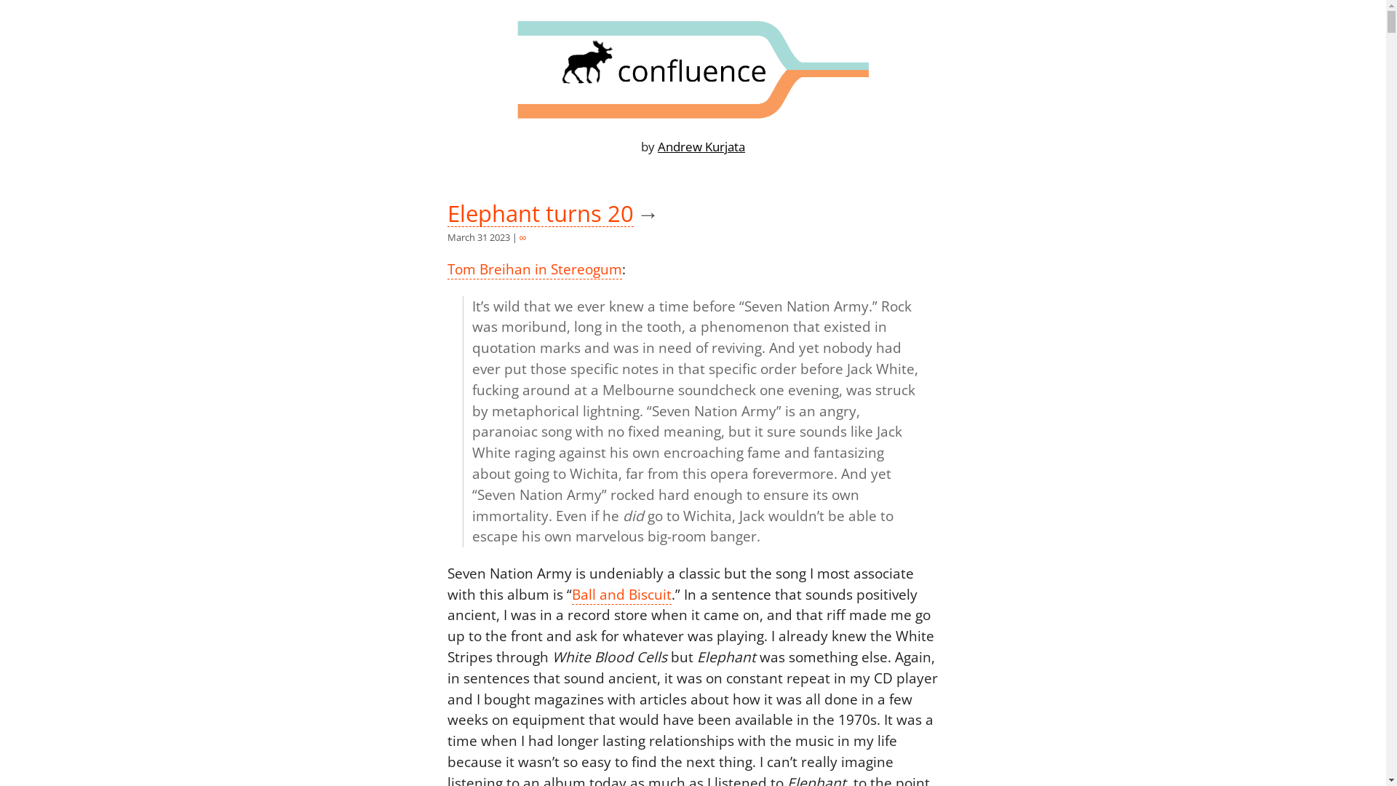 This screenshot has height=786, width=1397. What do you see at coordinates (621, 595) in the screenshot?
I see `'Ball and Biscuit'` at bounding box center [621, 595].